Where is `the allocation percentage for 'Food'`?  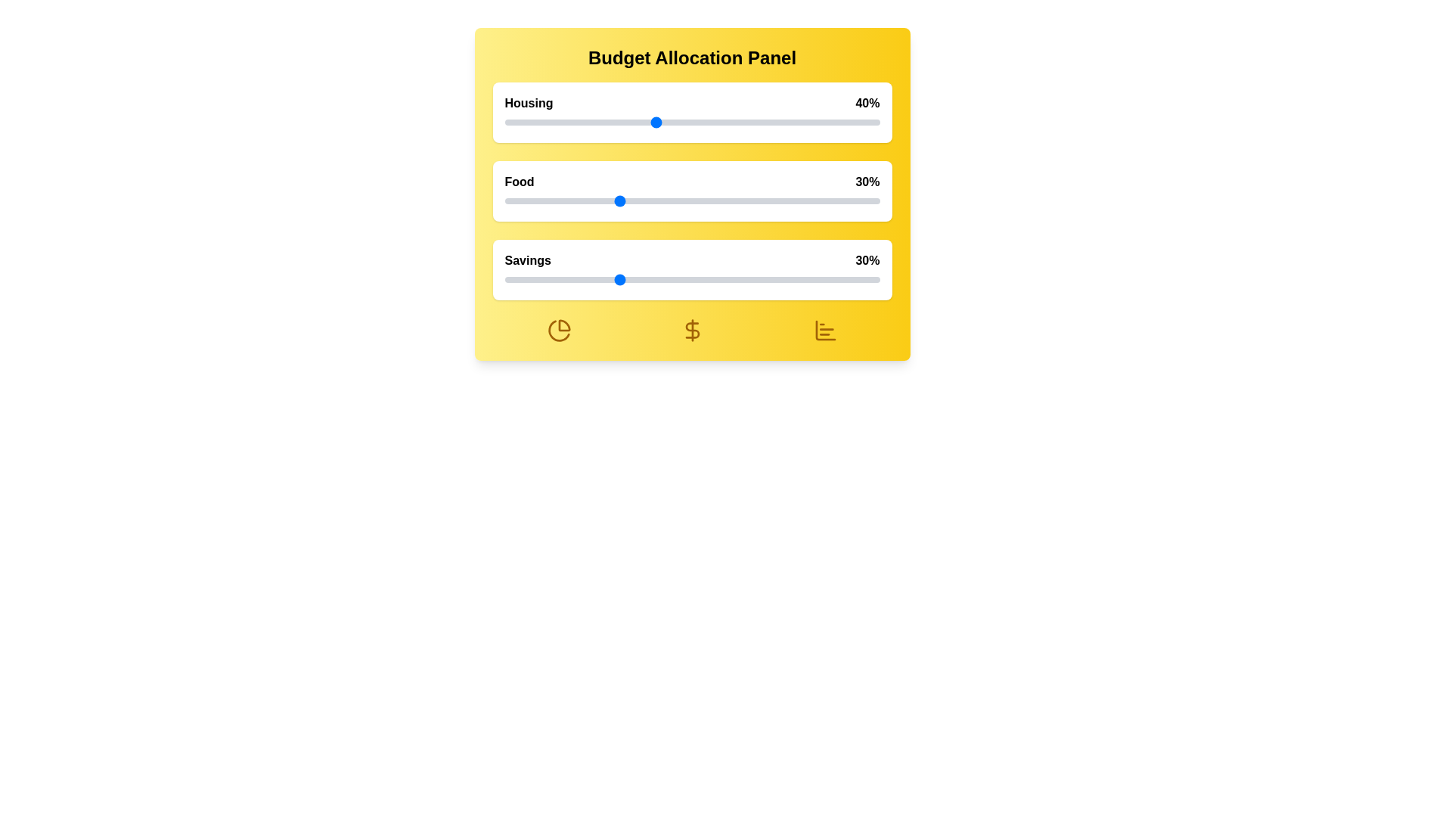
the allocation percentage for 'Food' is located at coordinates (676, 200).